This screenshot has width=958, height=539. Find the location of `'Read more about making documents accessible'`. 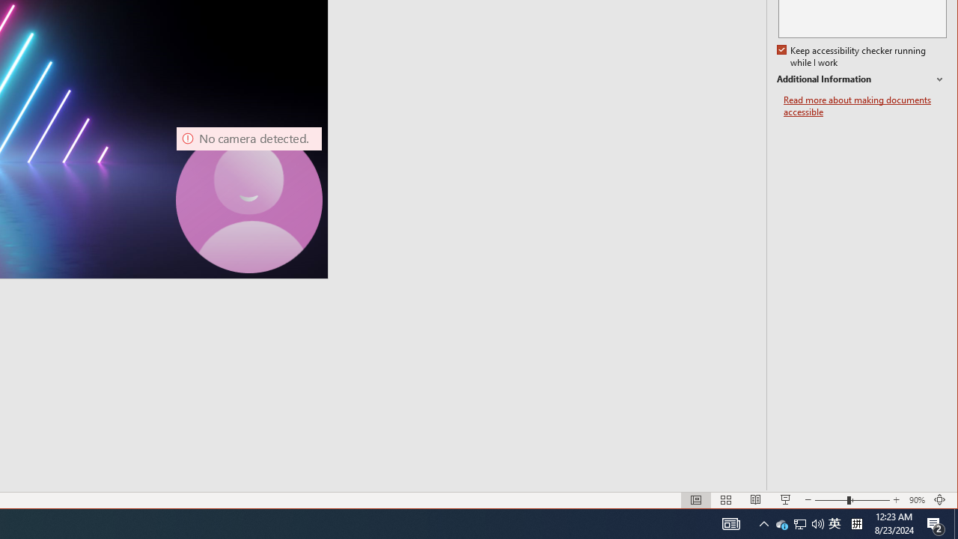

'Read more about making documents accessible' is located at coordinates (864, 106).